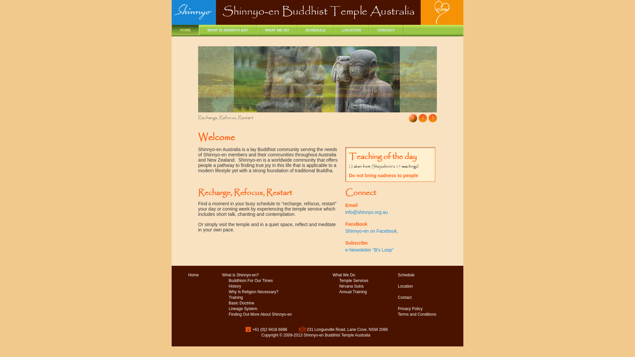 This screenshot has height=357, width=635. What do you see at coordinates (406, 275) in the screenshot?
I see `'Schedule'` at bounding box center [406, 275].